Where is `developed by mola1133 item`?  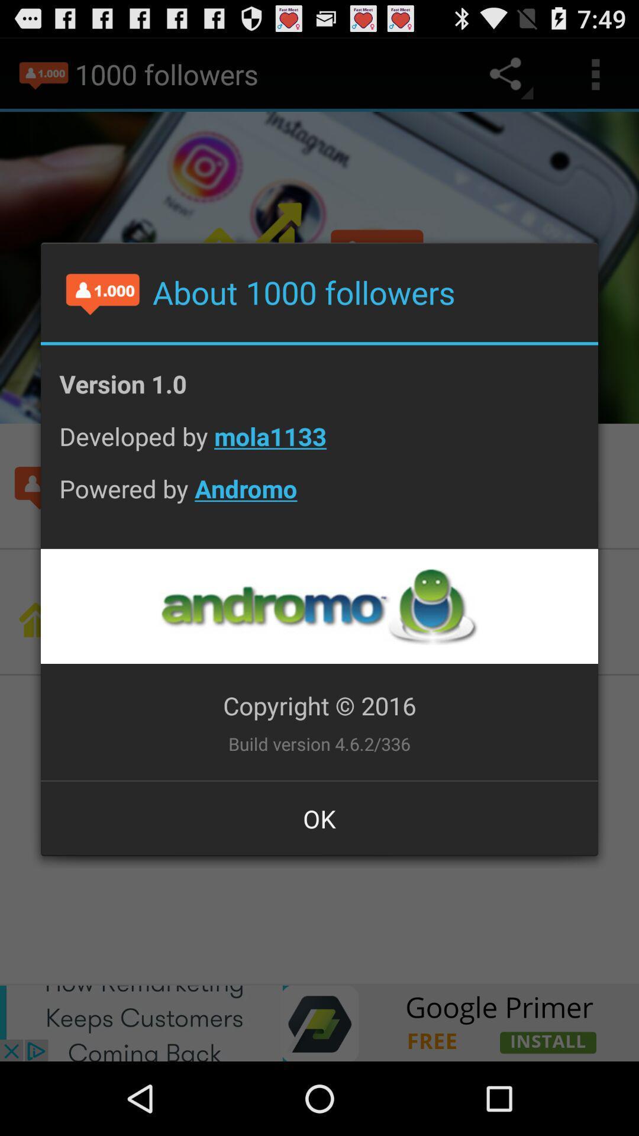
developed by mola1133 item is located at coordinates (319, 445).